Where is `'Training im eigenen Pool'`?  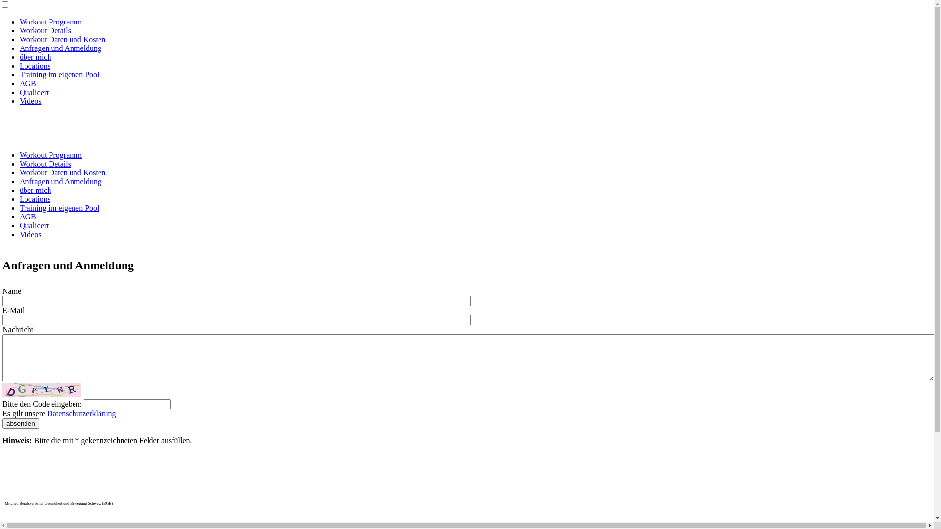 'Training im eigenen Pool' is located at coordinates (59, 74).